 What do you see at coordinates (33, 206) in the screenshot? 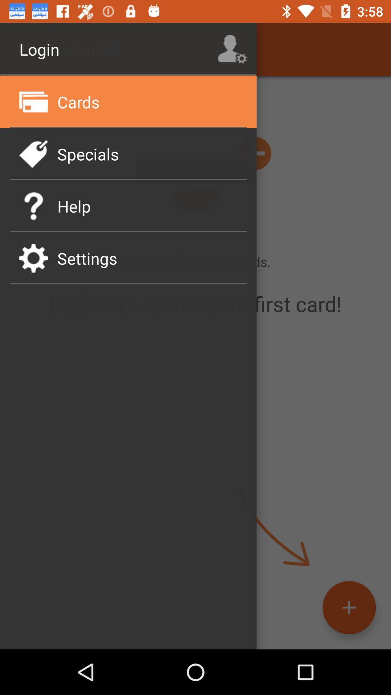
I see `the icon on left to the help button on the web page` at bounding box center [33, 206].